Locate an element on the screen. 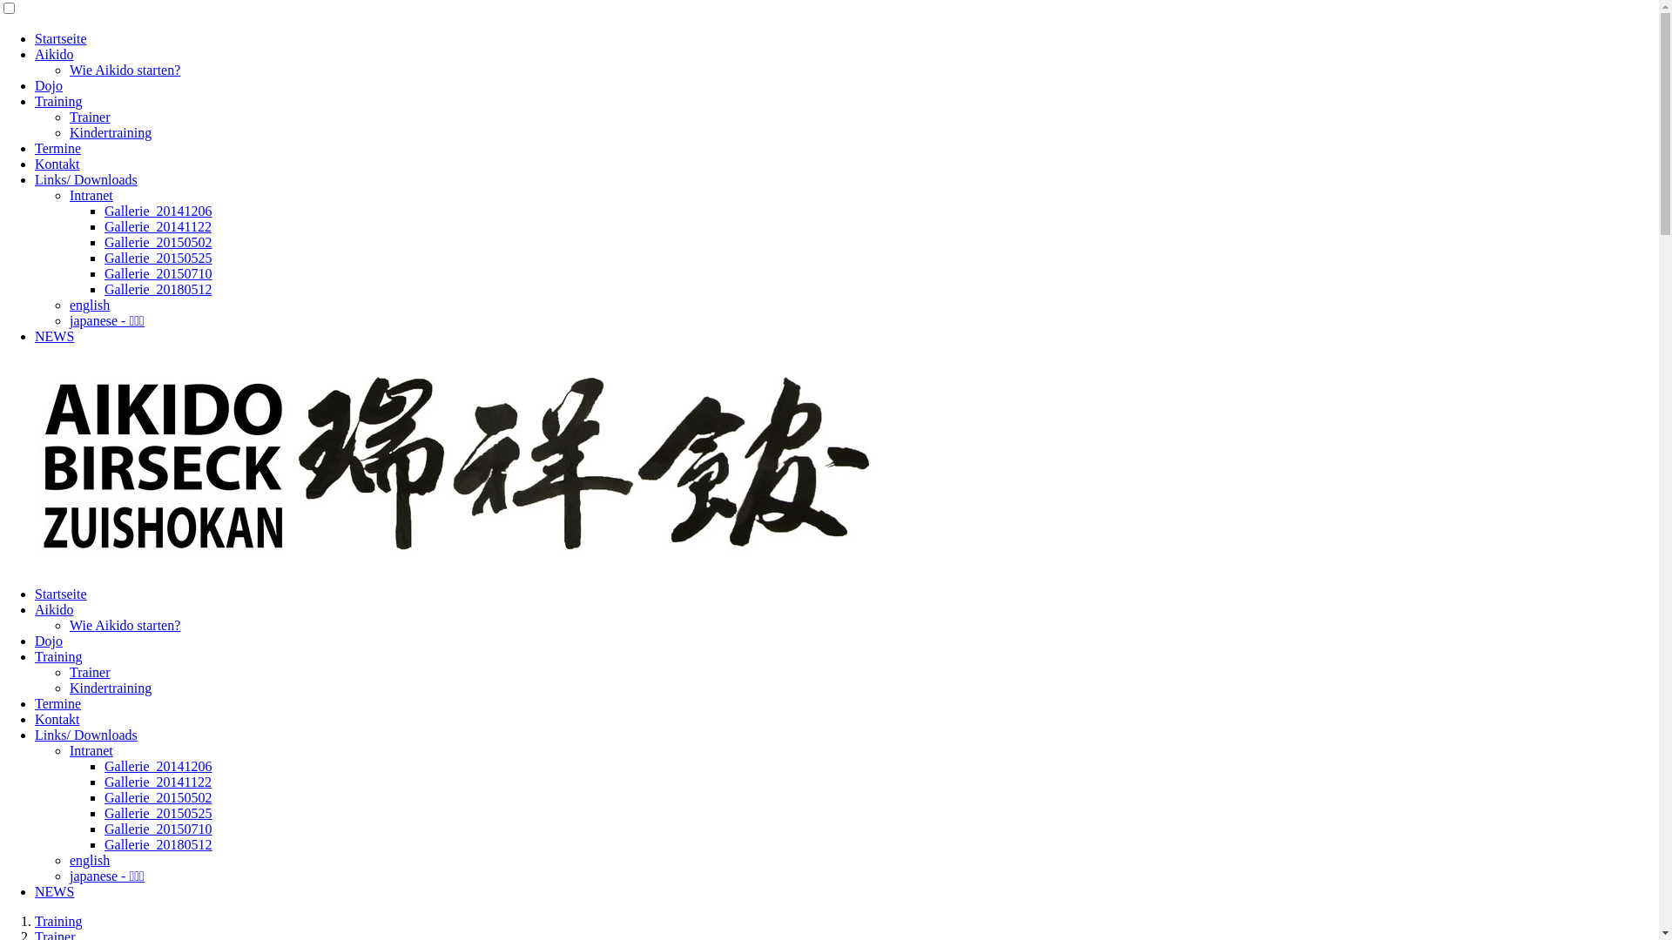 This screenshot has width=1672, height=940. 'Aikido' is located at coordinates (54, 53).